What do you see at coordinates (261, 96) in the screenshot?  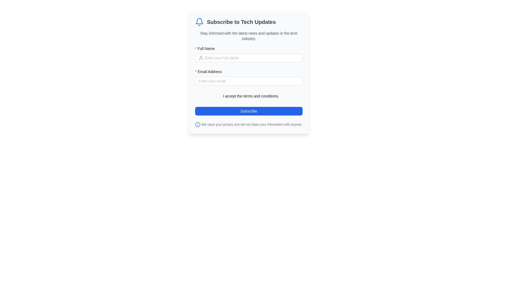 I see `the hyperlink that reads 'terms and conditions', styled in blue, located at the end of the text 'I accept the terms and conditions.'` at bounding box center [261, 96].